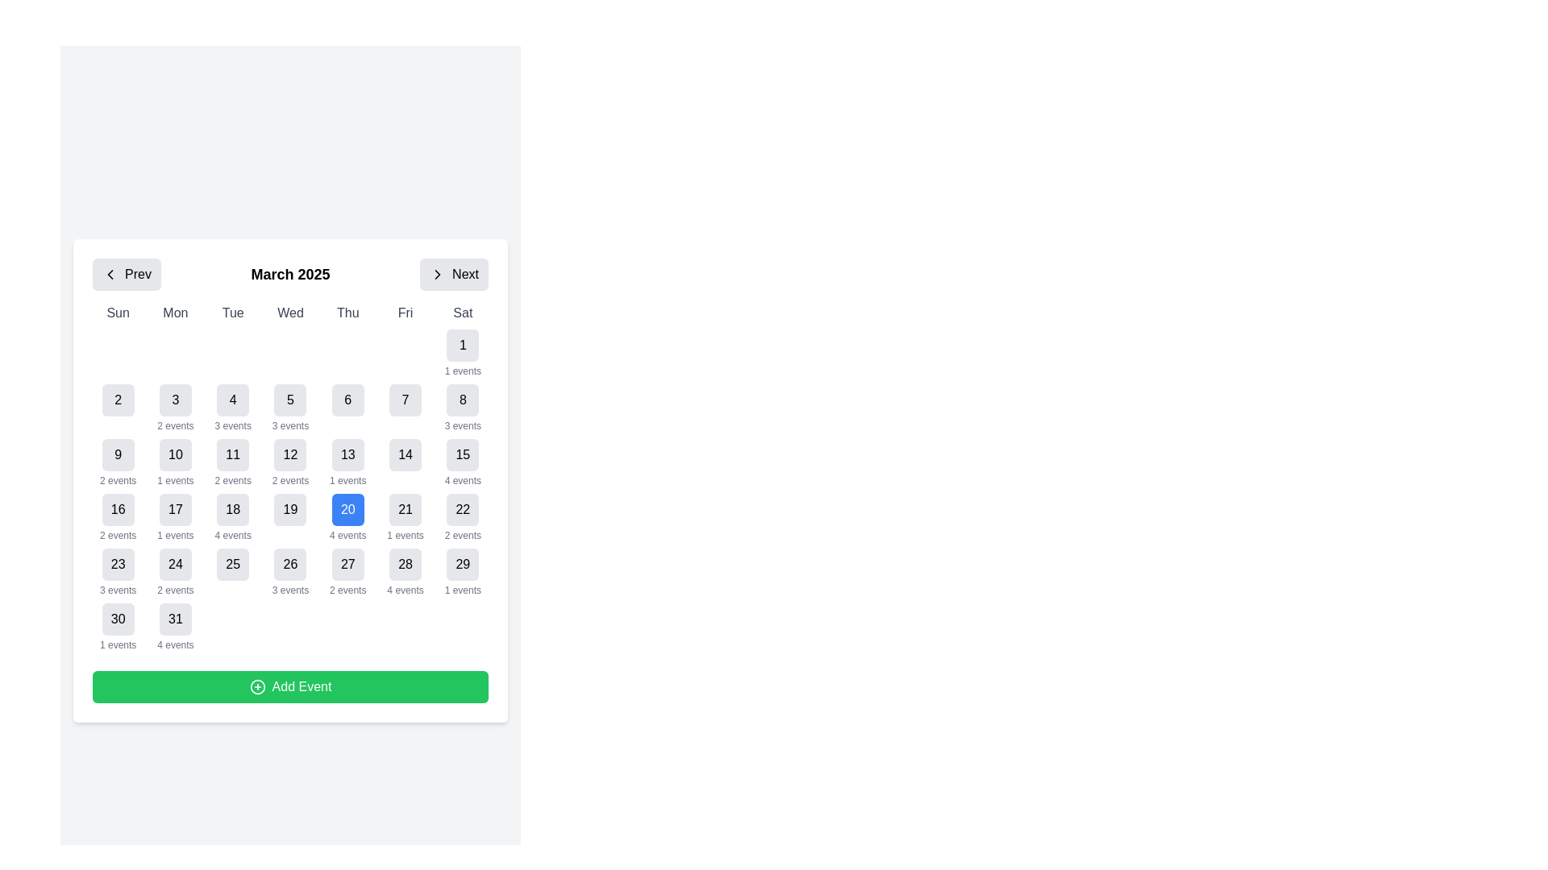 This screenshot has height=870, width=1548. Describe the element at coordinates (462, 480) in the screenshot. I see `the label indicating the number of events scheduled for the date '15' in the calendar layout, located at the bottom of the corresponding grid cell` at that location.